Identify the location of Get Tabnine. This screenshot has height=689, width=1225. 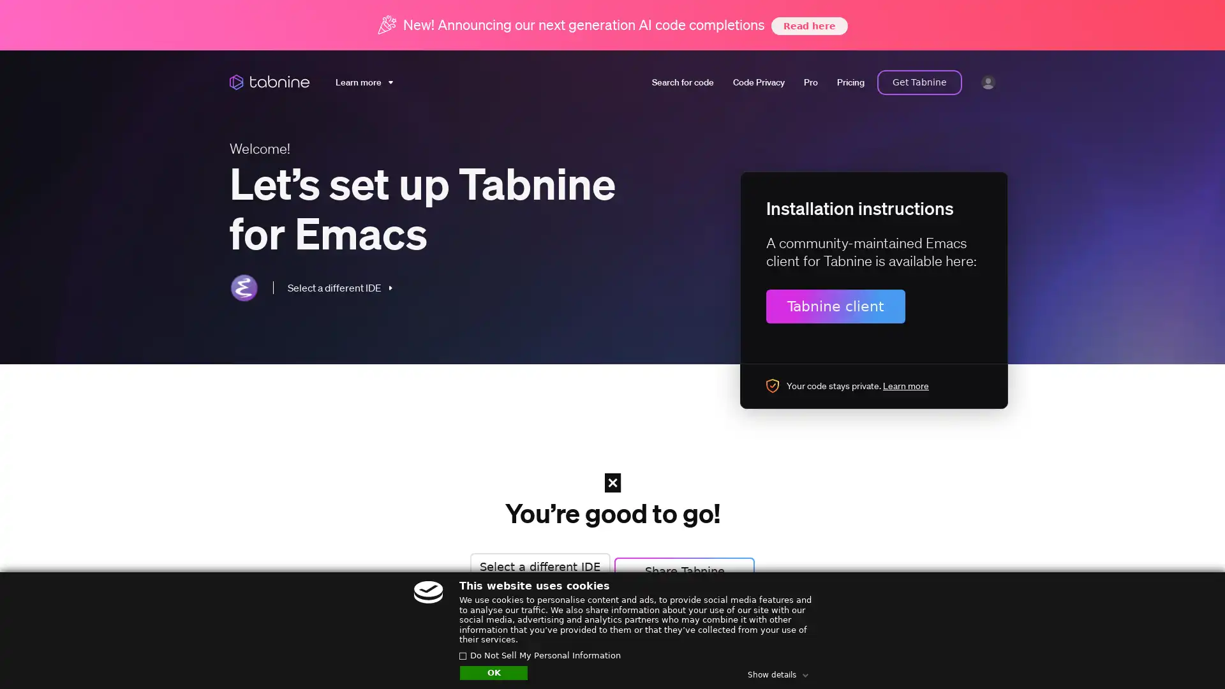
(919, 82).